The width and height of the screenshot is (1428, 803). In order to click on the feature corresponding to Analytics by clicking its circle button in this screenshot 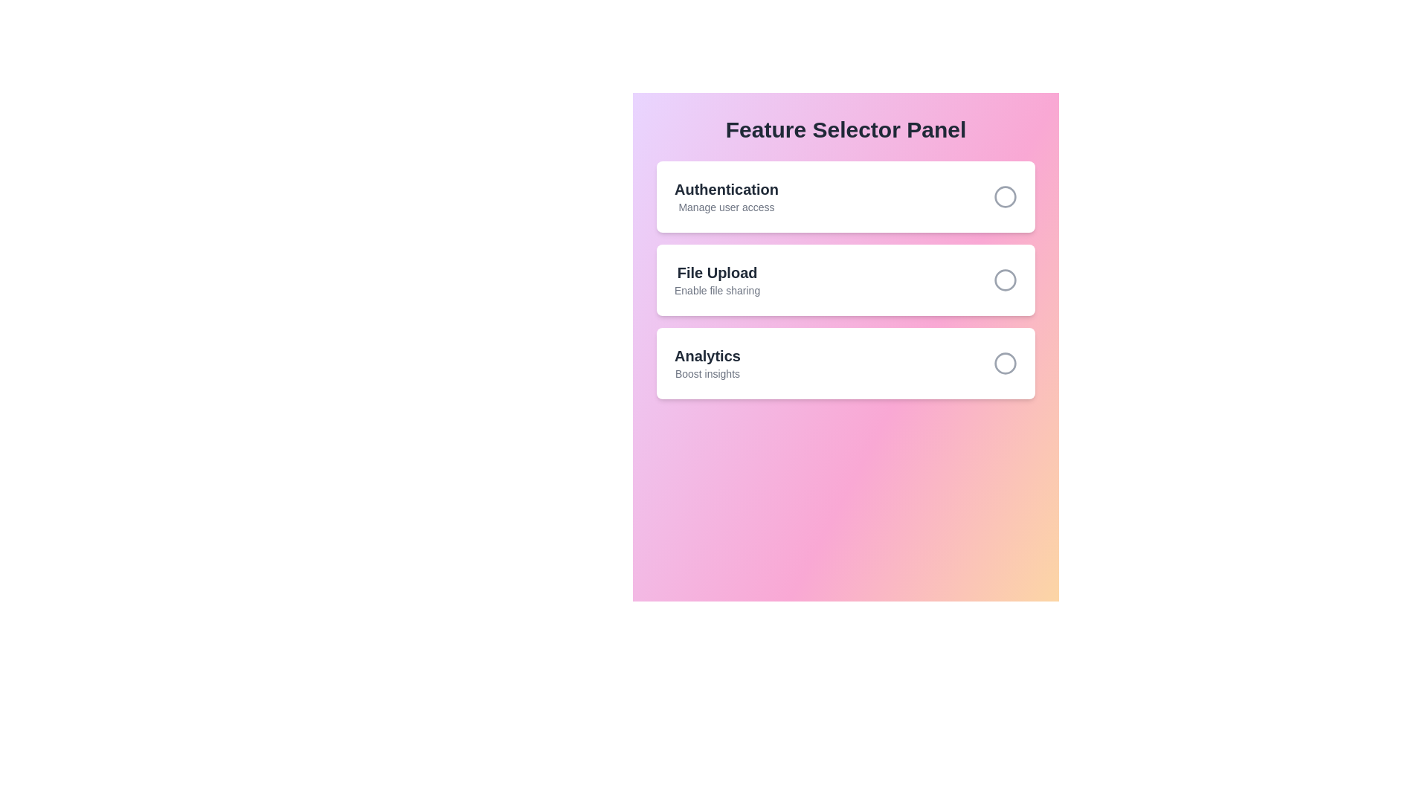, I will do `click(1006, 364)`.